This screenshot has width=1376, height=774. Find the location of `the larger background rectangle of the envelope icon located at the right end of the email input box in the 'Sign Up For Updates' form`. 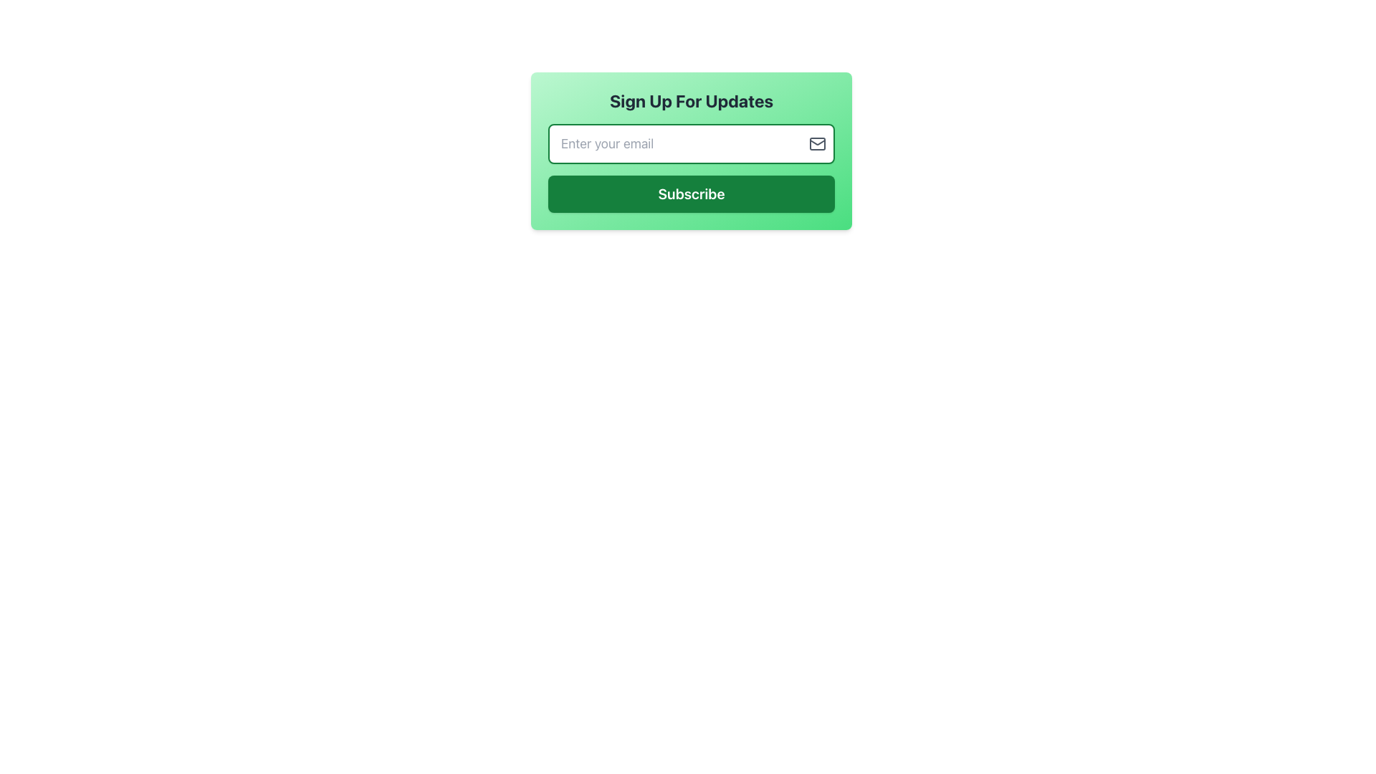

the larger background rectangle of the envelope icon located at the right end of the email input box in the 'Sign Up For Updates' form is located at coordinates (818, 143).